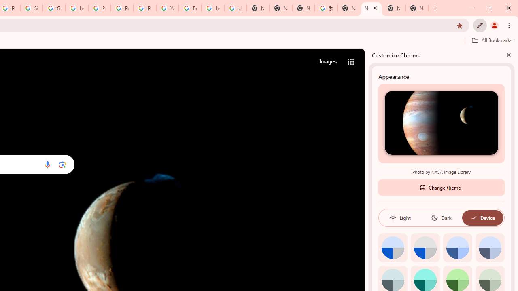 The image size is (518, 291). Describe the element at coordinates (489, 247) in the screenshot. I see `'Cool grey'` at that location.